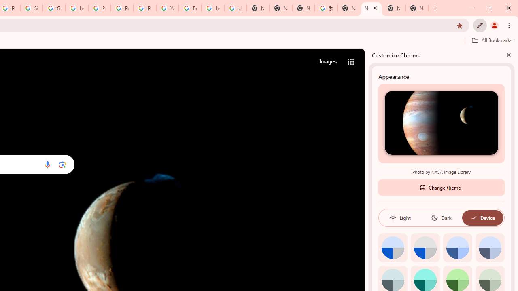 The image size is (518, 291). Describe the element at coordinates (489, 247) in the screenshot. I see `'Cool grey'` at that location.